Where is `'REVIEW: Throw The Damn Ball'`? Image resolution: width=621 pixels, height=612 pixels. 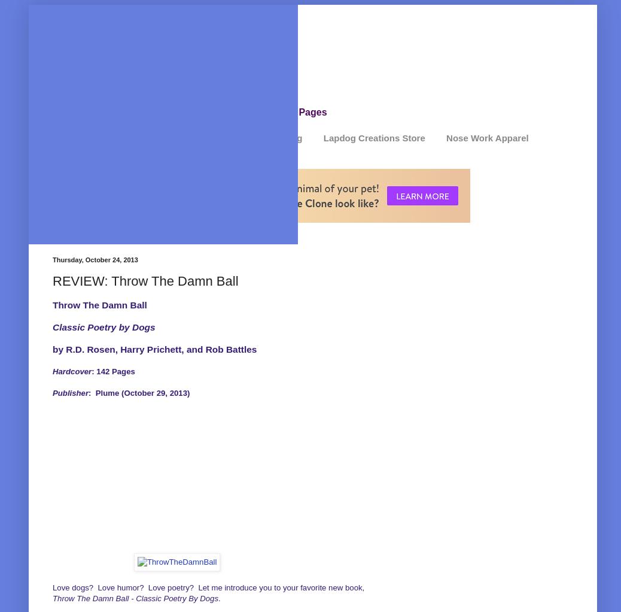 'REVIEW: Throw The Damn Ball' is located at coordinates (144, 280).